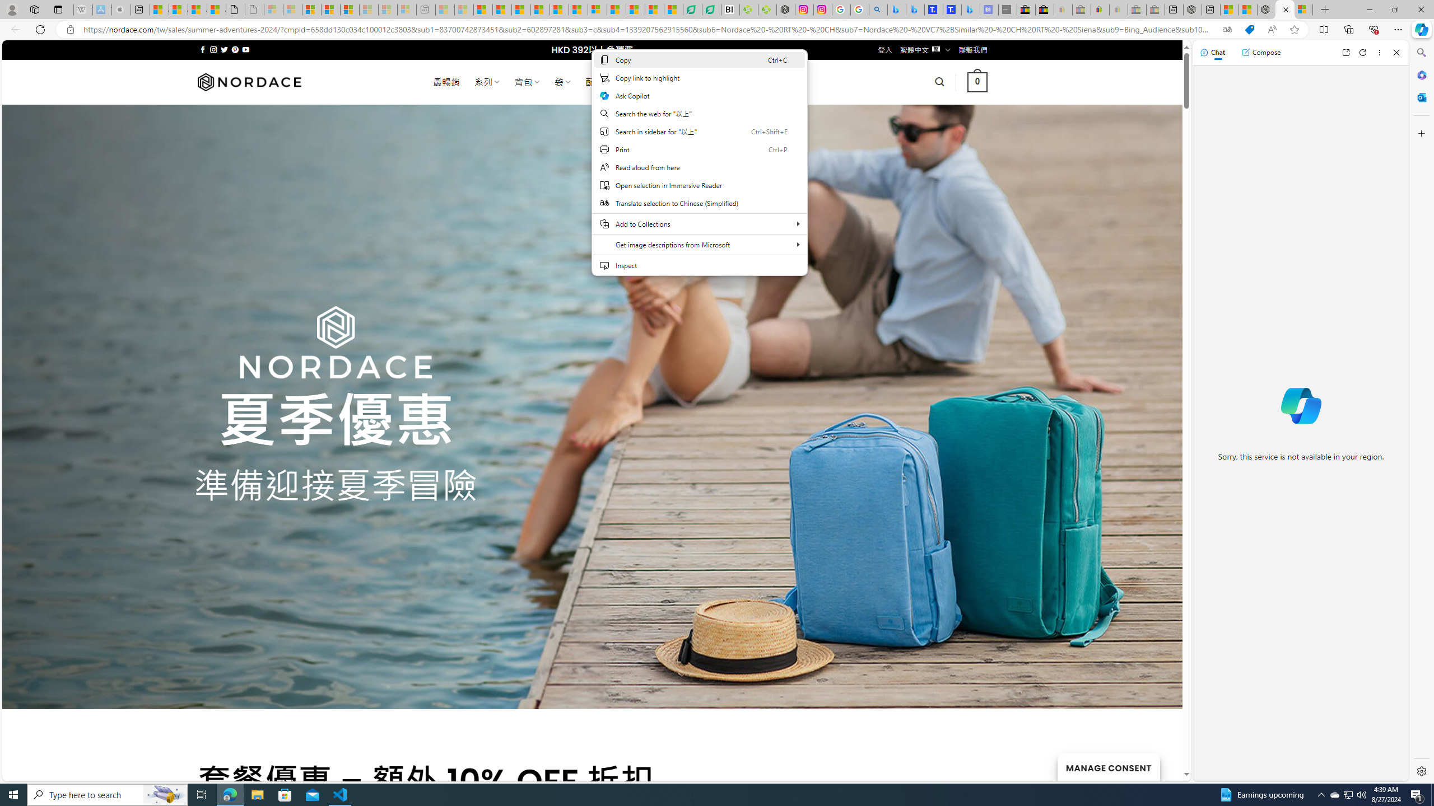  What do you see at coordinates (578, 9) in the screenshot?
I see `'Foo BAR | Trusted Community Engagement and Contributions'` at bounding box center [578, 9].